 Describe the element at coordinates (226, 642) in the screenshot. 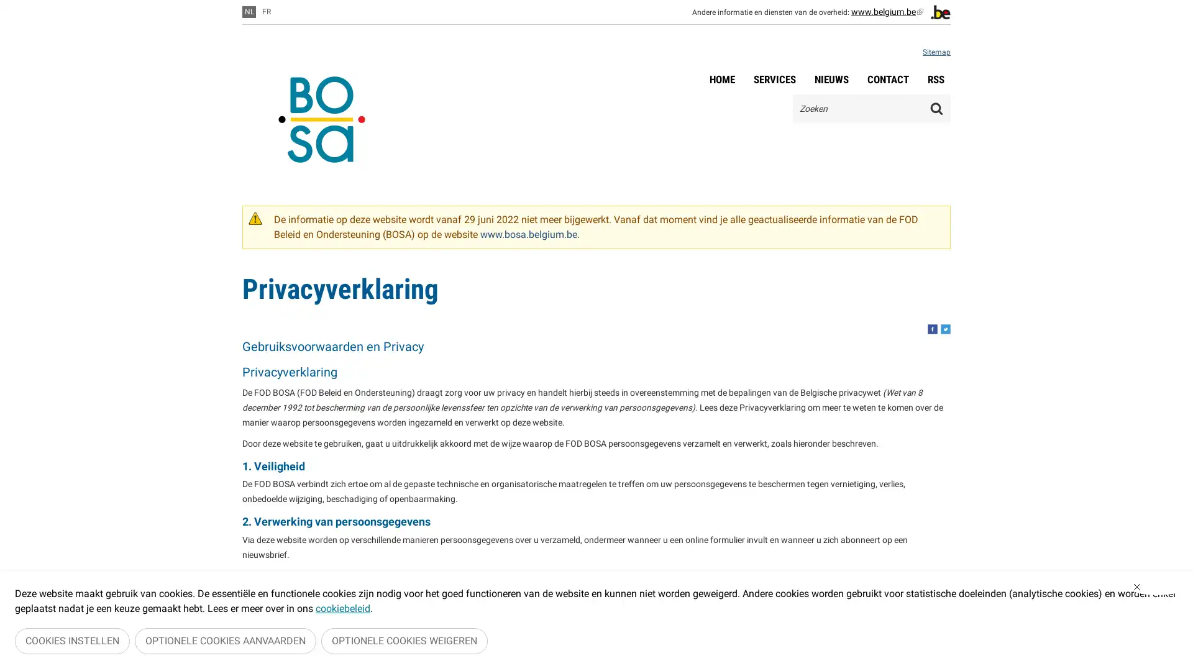

I see `OPTIONELE COOKIES AANVAARDEN` at that location.